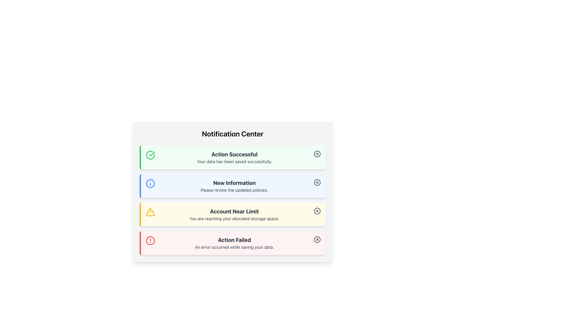  Describe the element at coordinates (317, 153) in the screenshot. I see `the circular close button with a gray border and white background, featuring an 'X' icon, located on the right side of the notification bar titled 'Action Successful'` at that location.